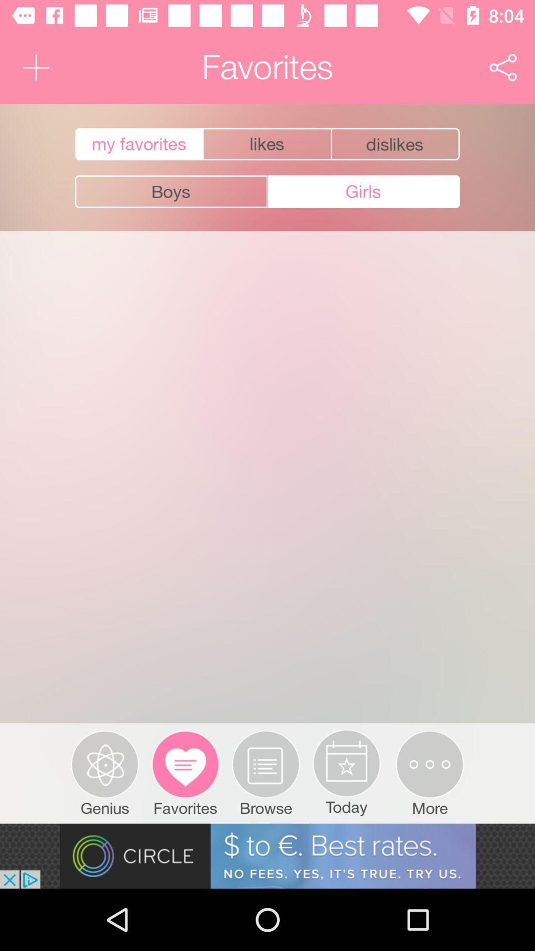  What do you see at coordinates (364, 192) in the screenshot?
I see `girls` at bounding box center [364, 192].